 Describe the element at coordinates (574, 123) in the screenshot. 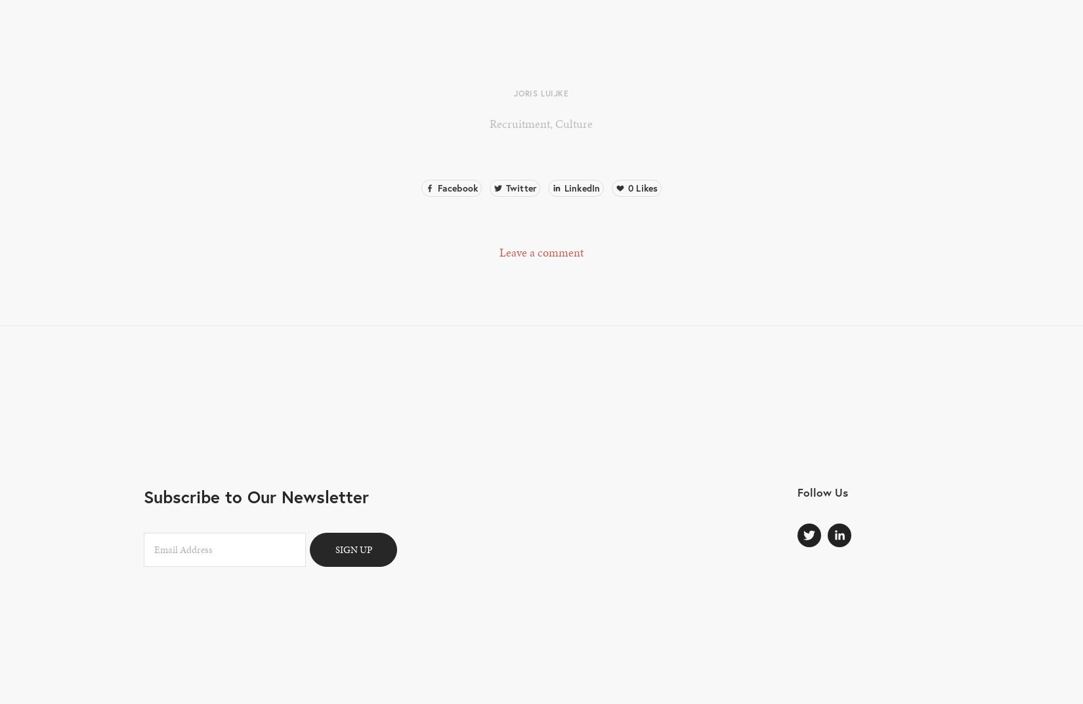

I see `'Culture'` at that location.